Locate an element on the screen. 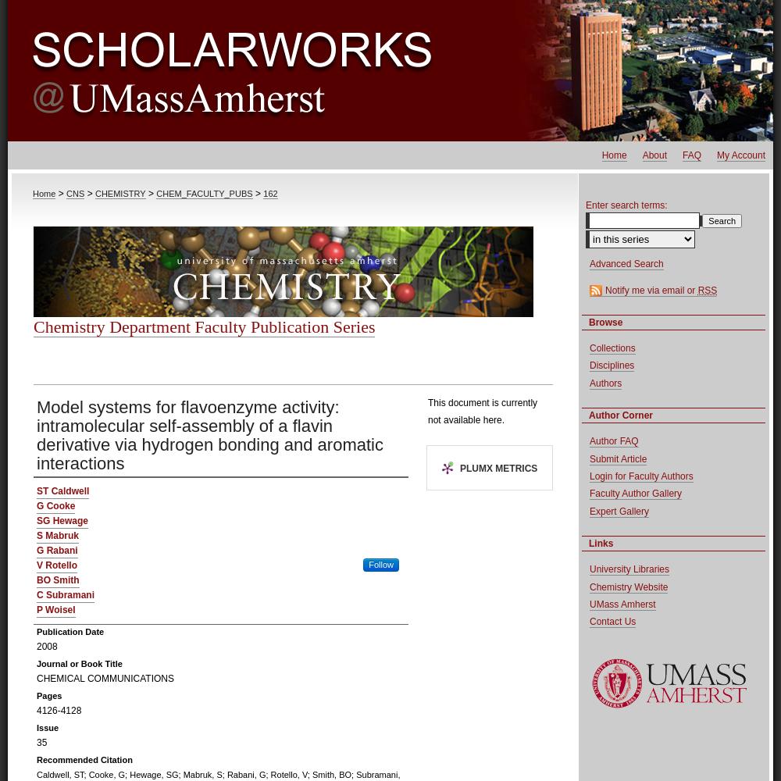 Image resolution: width=781 pixels, height=781 pixels. 'Recommended Citation' is located at coordinates (84, 759).